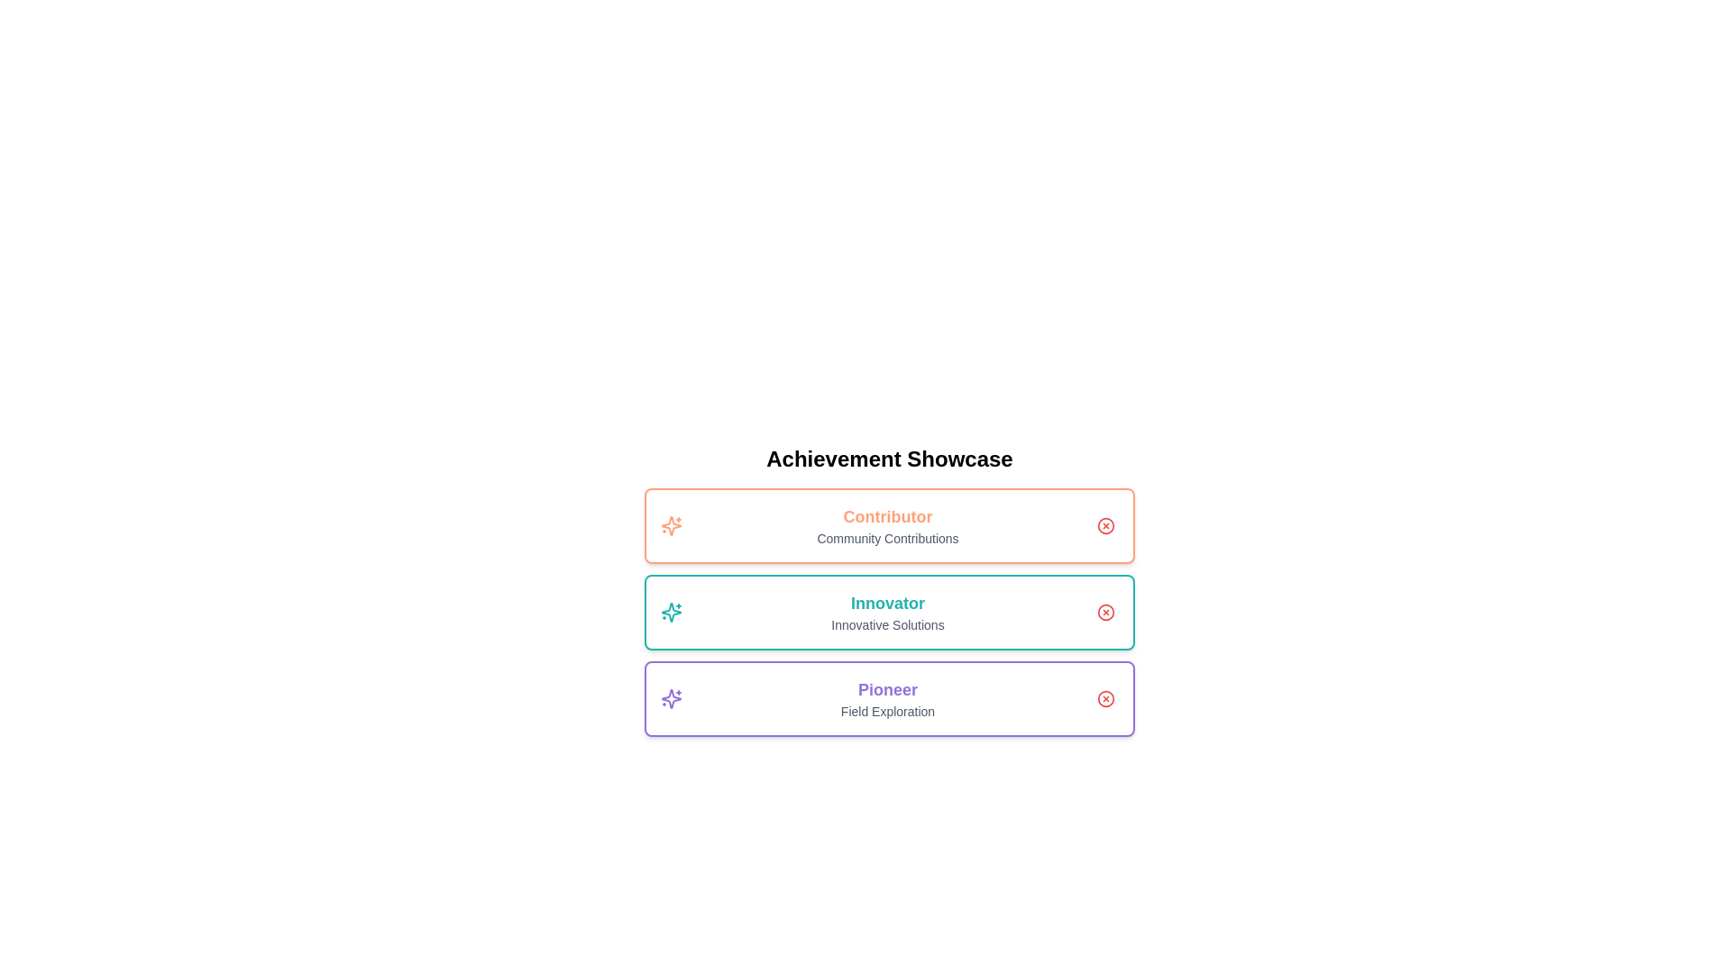  Describe the element at coordinates (890, 611) in the screenshot. I see `the achievement titled Innovator to inspect its details` at that location.